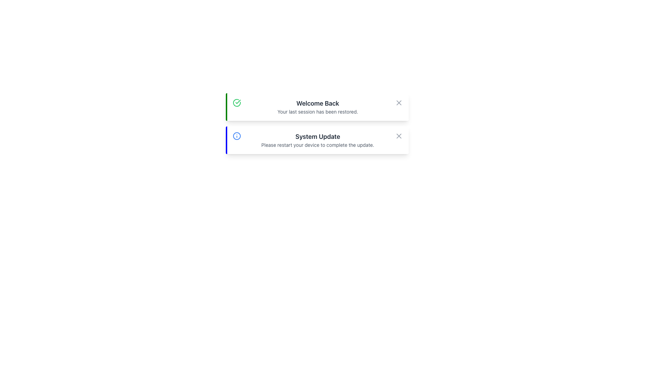 This screenshot has width=665, height=374. Describe the element at coordinates (317, 145) in the screenshot. I see `informational text label that instructs the user to restart their device to complete an update, located below the 'System Update' heading` at that location.